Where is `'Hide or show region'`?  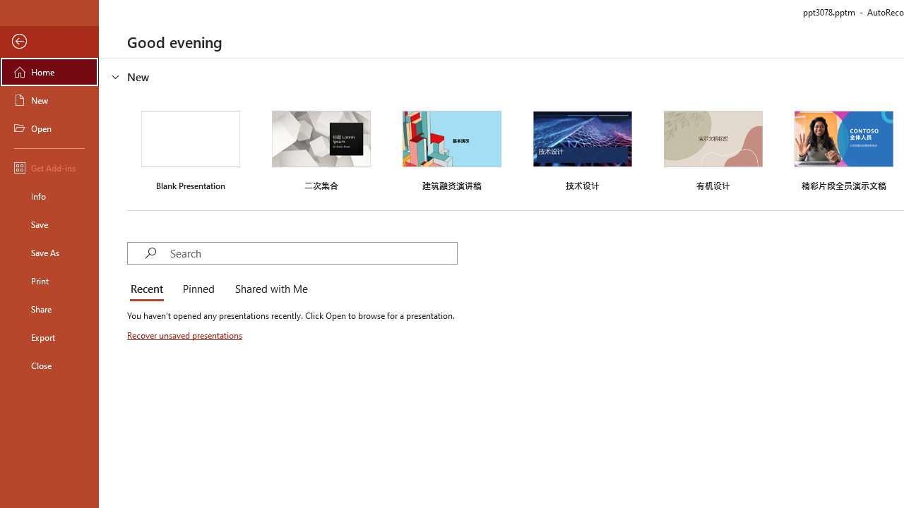
'Hide or show region' is located at coordinates (116, 77).